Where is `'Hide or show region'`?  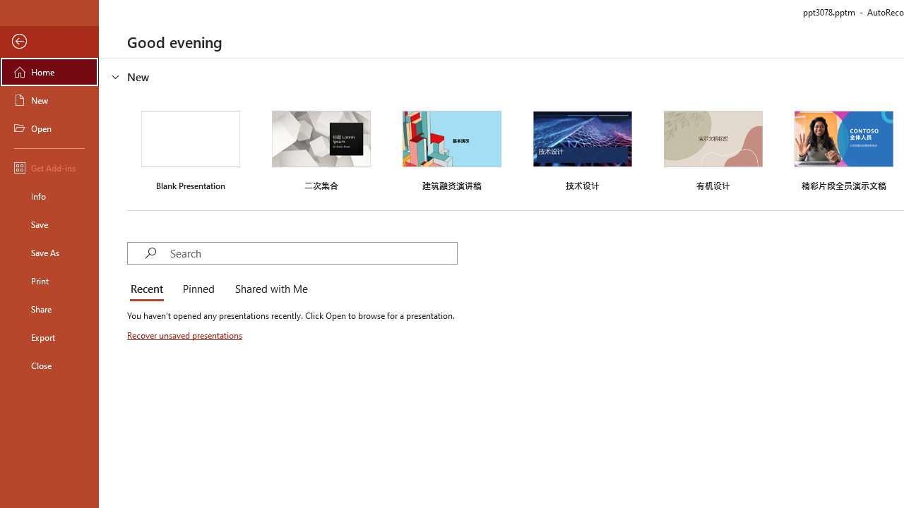
'Hide or show region' is located at coordinates (116, 77).